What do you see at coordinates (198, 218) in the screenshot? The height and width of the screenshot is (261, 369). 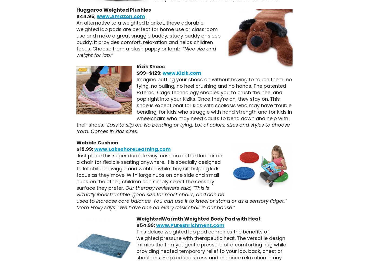 I see `'WeightedWarmth Weighted Body Pad with Heat'` at bounding box center [198, 218].